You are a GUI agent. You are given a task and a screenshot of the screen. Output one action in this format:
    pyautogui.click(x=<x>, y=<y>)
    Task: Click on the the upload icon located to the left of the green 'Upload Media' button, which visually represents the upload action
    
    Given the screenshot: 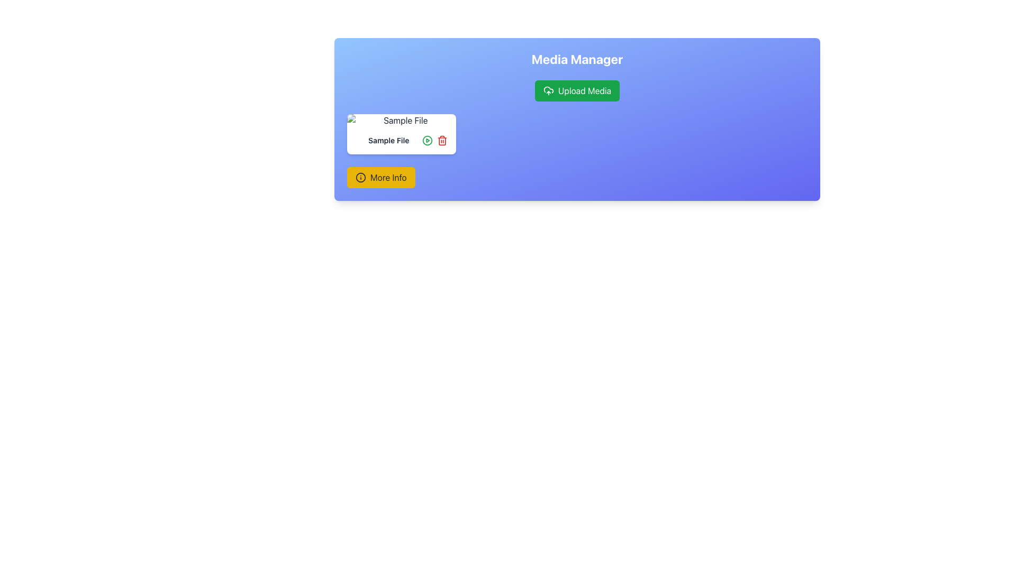 What is the action you would take?
    pyautogui.click(x=548, y=90)
    